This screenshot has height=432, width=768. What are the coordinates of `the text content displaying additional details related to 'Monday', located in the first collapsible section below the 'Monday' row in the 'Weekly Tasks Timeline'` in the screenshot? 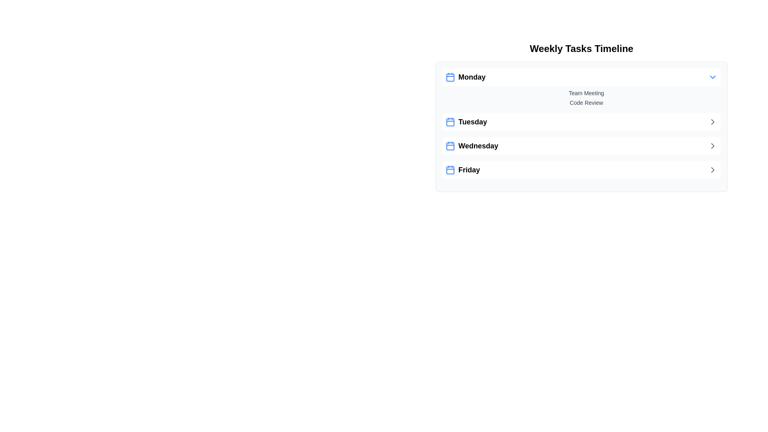 It's located at (582, 88).